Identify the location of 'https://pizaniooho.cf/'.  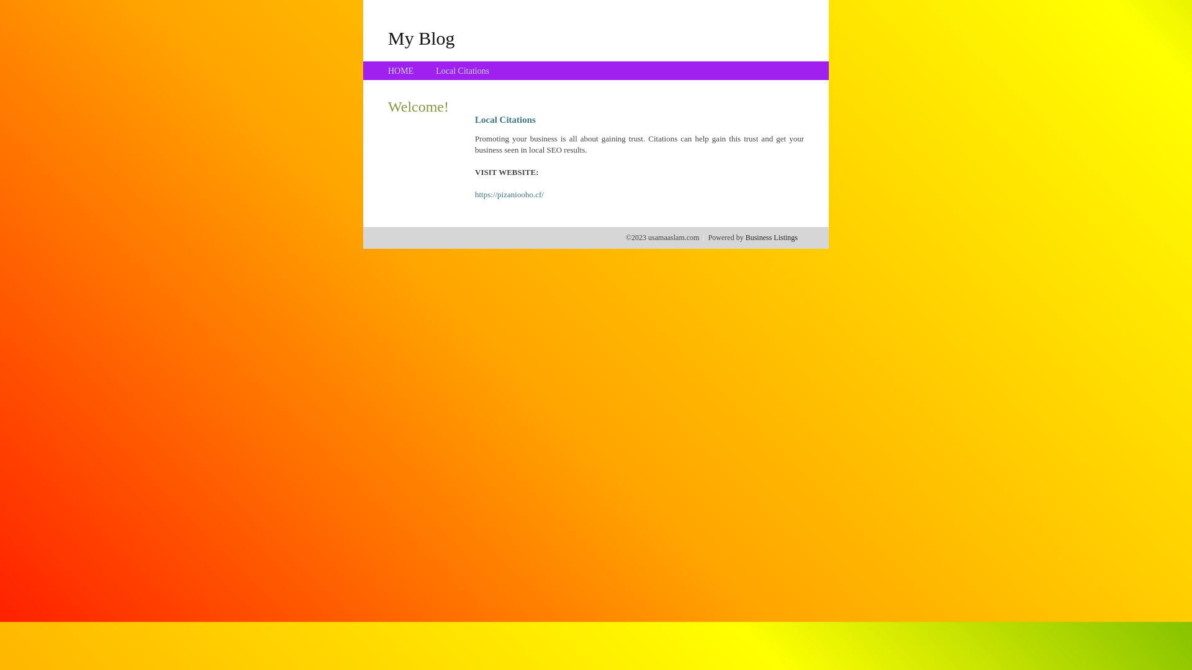
(509, 194).